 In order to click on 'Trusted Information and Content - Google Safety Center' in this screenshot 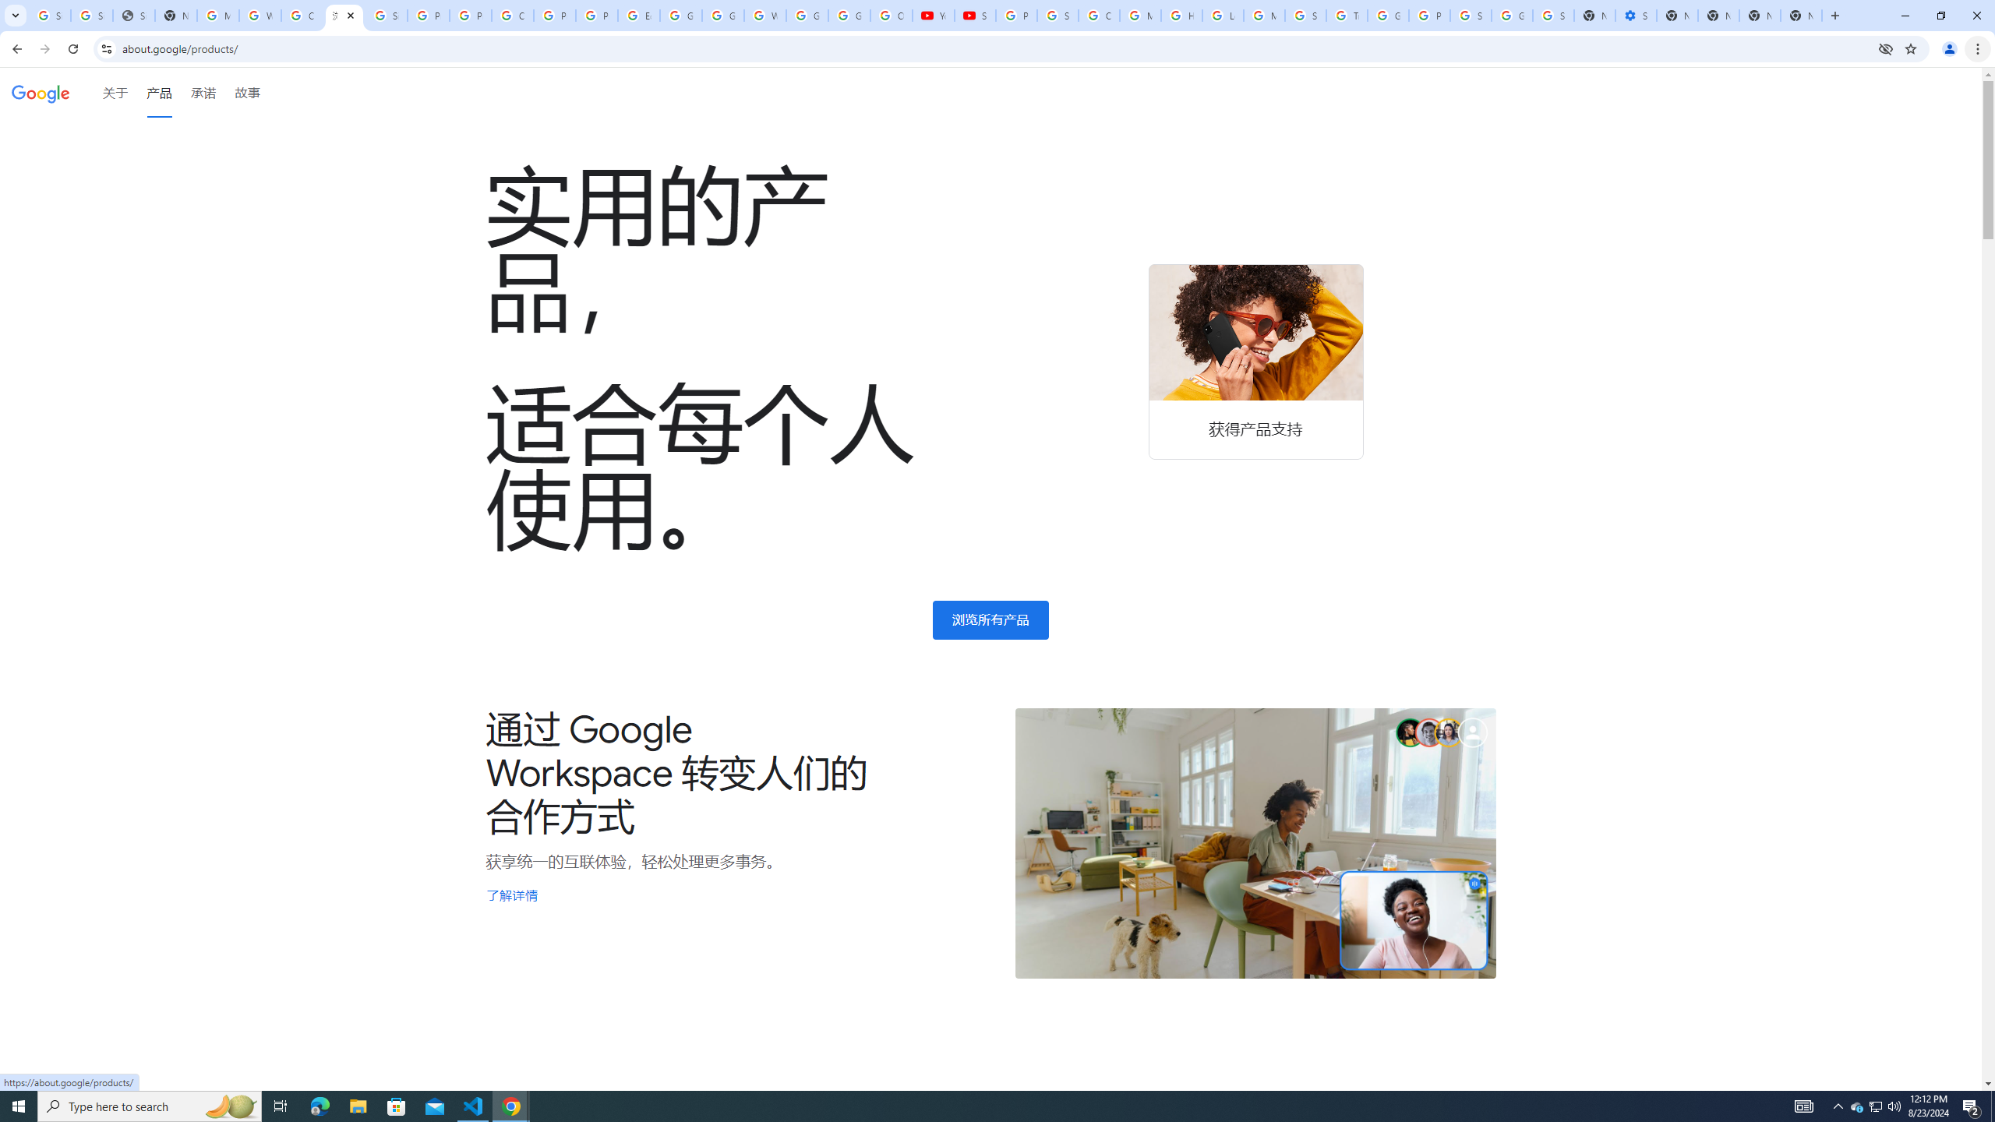, I will do `click(1347, 15)`.